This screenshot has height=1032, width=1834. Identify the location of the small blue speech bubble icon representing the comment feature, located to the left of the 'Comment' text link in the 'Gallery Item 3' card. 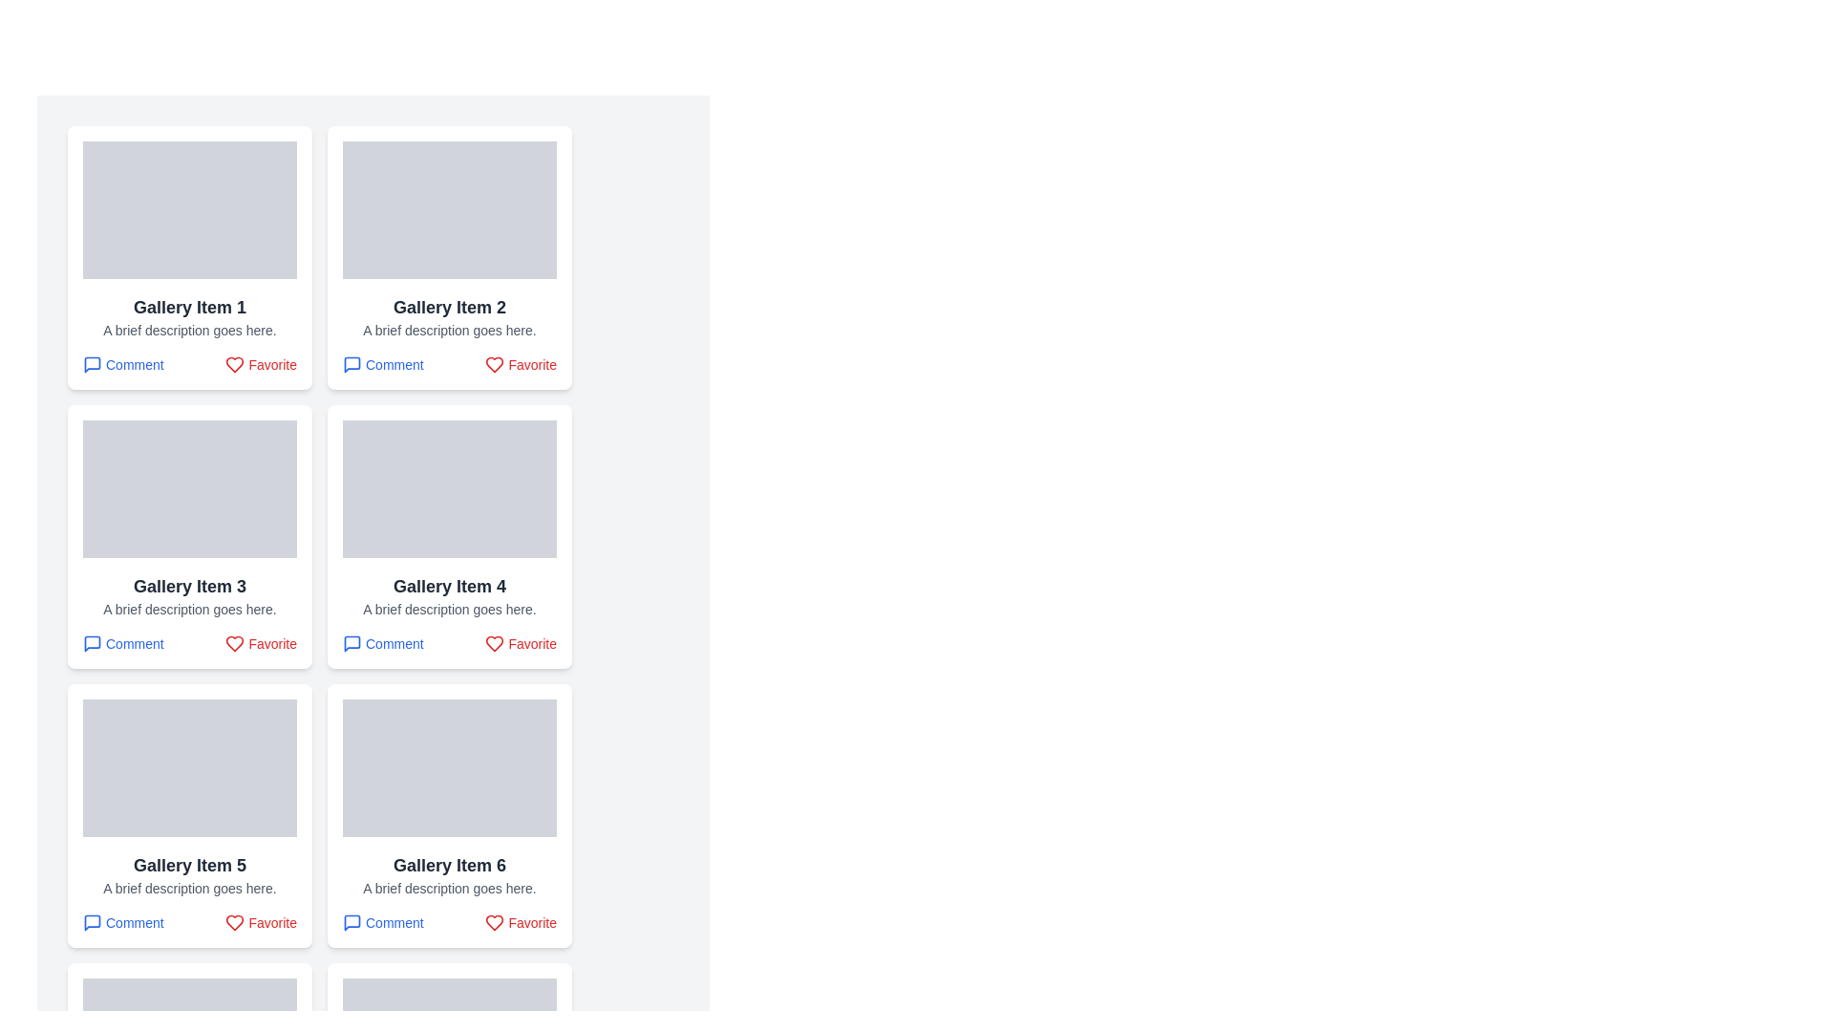
(91, 644).